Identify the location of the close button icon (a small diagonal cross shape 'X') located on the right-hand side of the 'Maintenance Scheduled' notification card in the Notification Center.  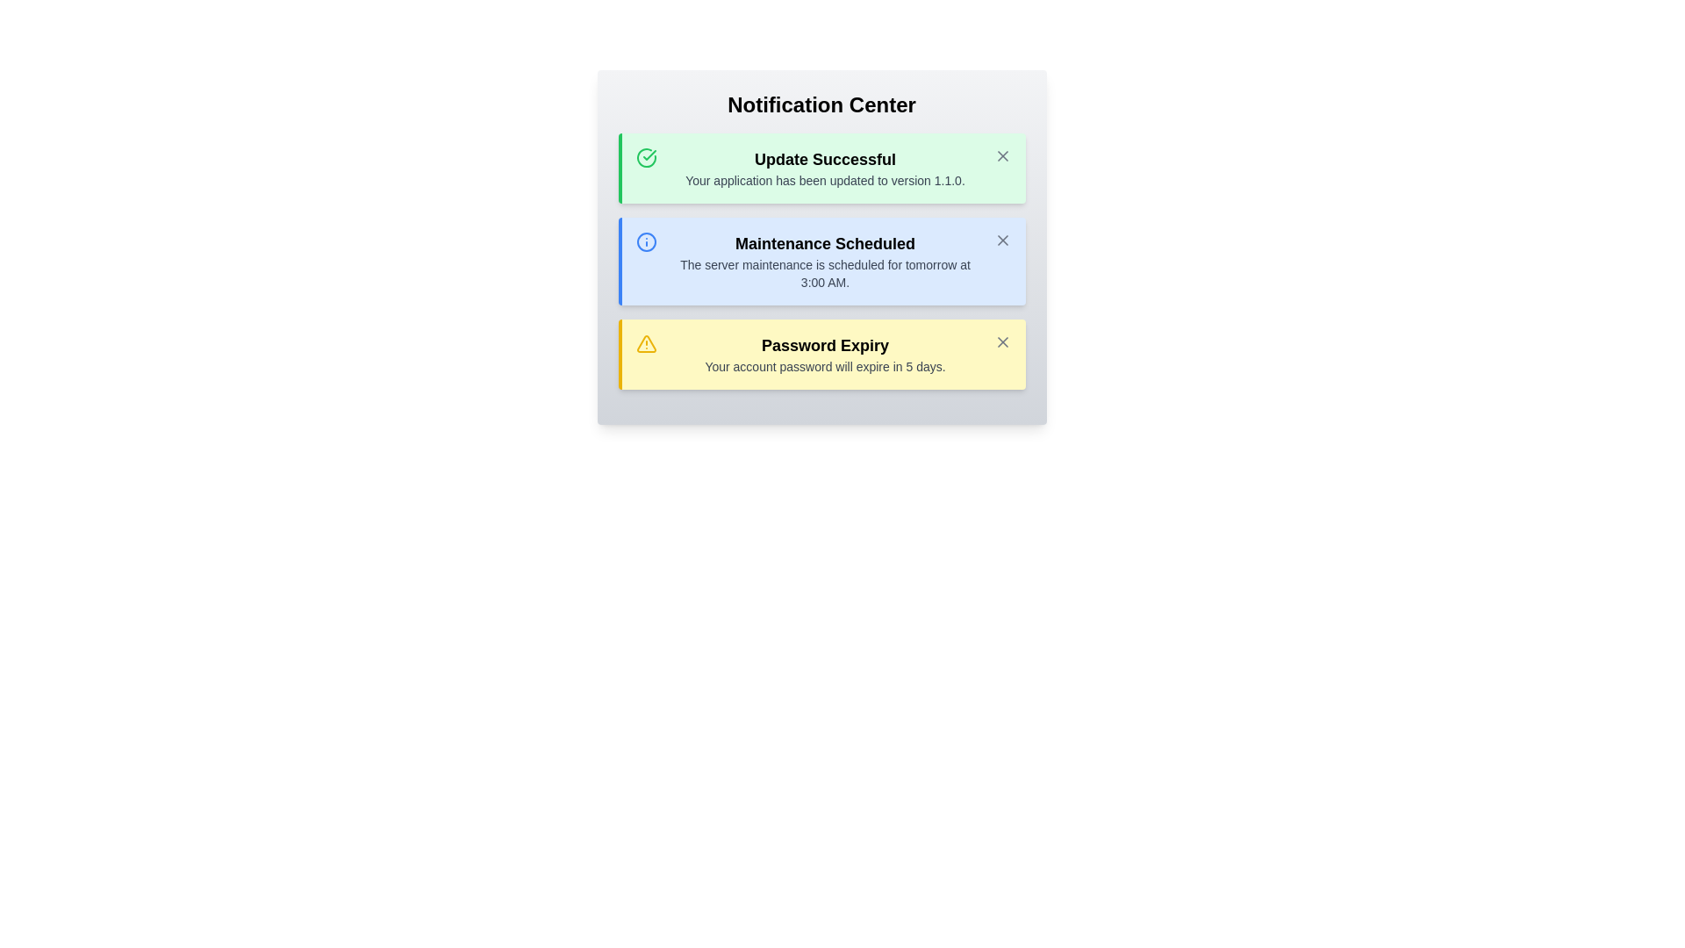
(1002, 240).